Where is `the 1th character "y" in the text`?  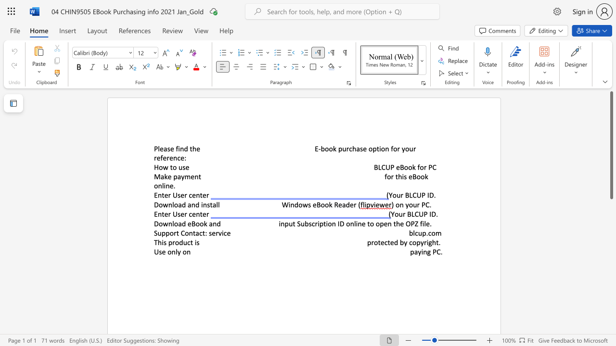 the 1th character "y" in the text is located at coordinates (407, 204).